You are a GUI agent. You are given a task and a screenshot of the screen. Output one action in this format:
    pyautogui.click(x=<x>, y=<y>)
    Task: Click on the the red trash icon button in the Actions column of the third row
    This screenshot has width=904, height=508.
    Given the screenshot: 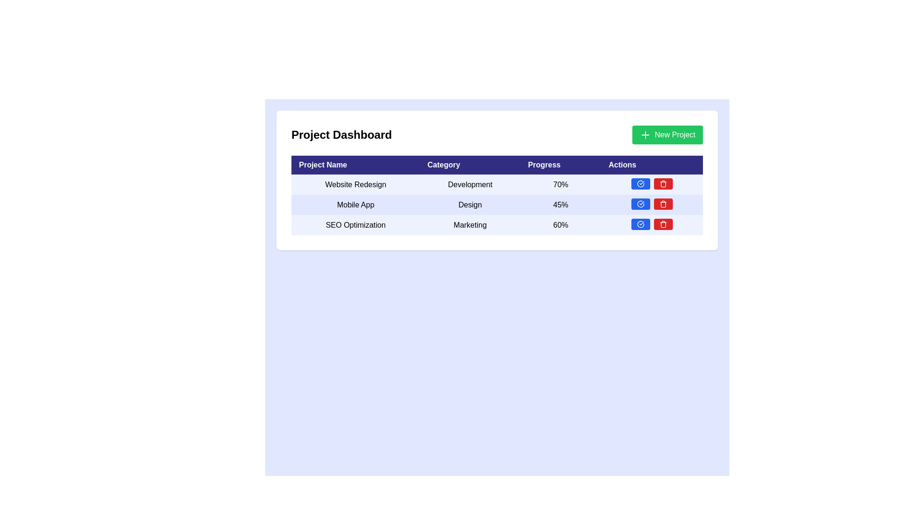 What is the action you would take?
    pyautogui.click(x=662, y=183)
    